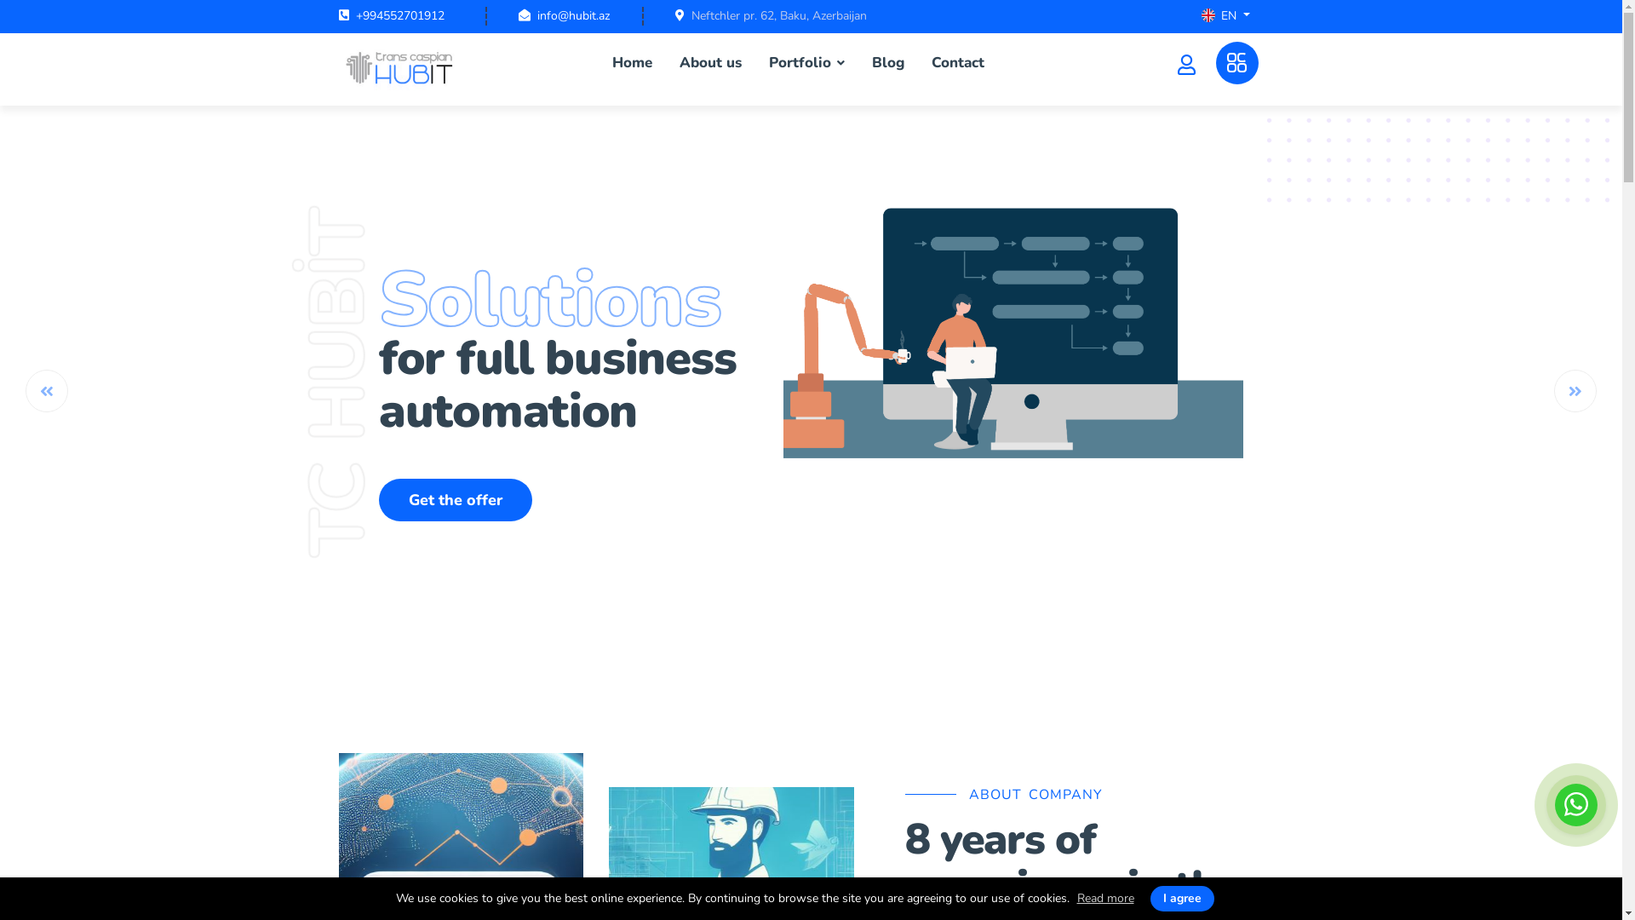 The image size is (1635, 920). I want to click on 'EN', so click(1225, 16).